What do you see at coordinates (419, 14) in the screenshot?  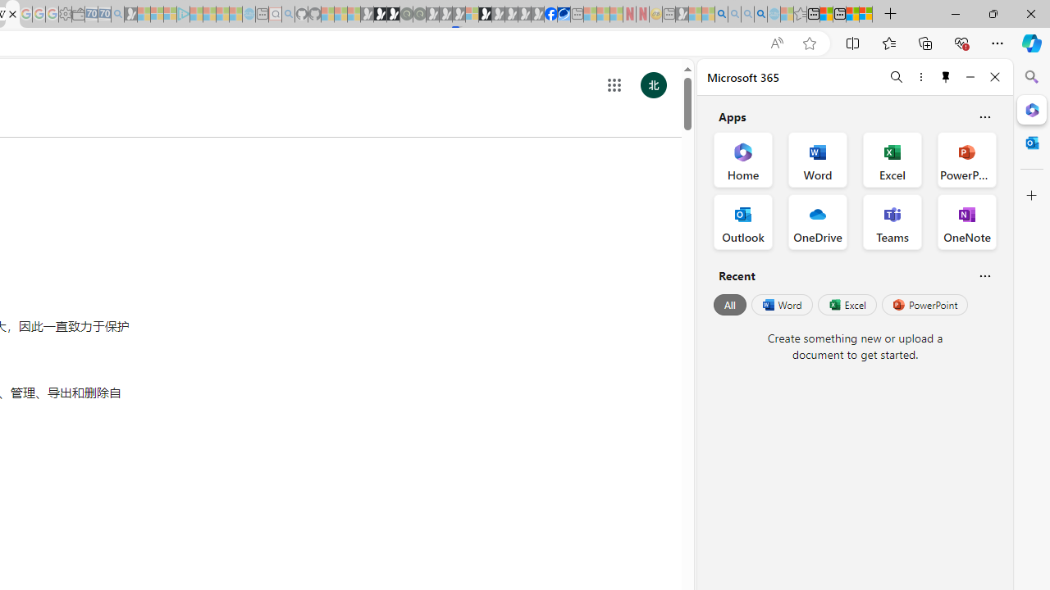 I see `'Future Focus Report 2024 - Sleeping'` at bounding box center [419, 14].